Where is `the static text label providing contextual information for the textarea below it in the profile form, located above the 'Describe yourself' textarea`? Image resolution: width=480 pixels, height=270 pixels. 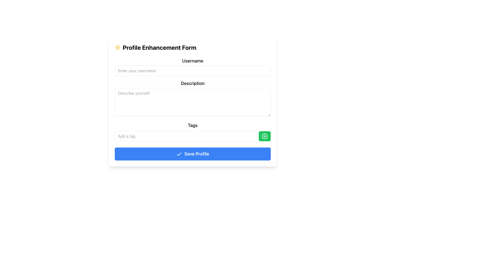 the static text label providing contextual information for the textarea below it in the profile form, located above the 'Describe yourself' textarea is located at coordinates (192, 83).